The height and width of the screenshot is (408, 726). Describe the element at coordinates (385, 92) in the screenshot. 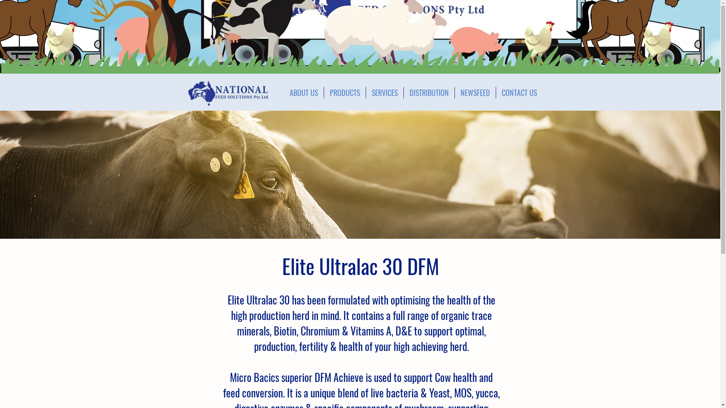

I see `'SERVICES'` at that location.